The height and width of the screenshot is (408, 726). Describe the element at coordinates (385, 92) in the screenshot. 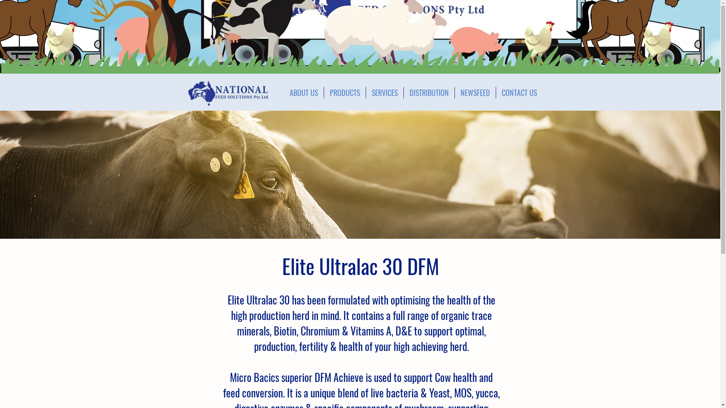

I see `'SERVICES'` at that location.